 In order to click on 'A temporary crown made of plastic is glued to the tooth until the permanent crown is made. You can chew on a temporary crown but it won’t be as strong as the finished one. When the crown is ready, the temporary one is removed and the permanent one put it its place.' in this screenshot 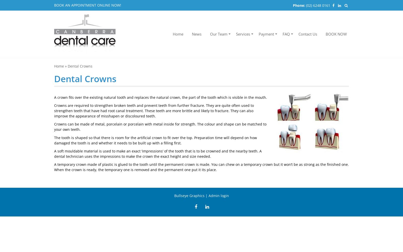, I will do `click(201, 167)`.